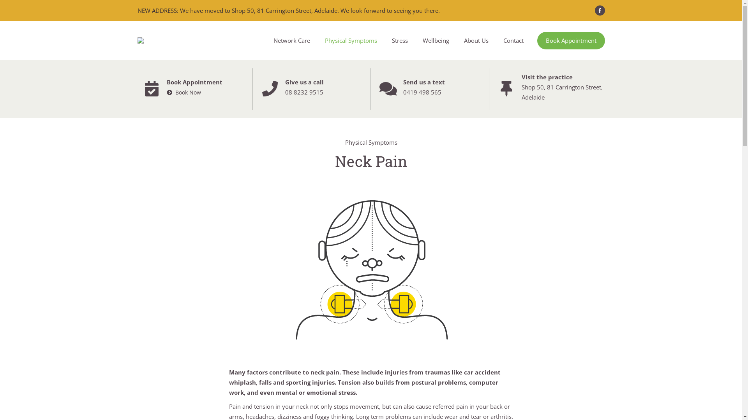 This screenshot has height=420, width=748. Describe the element at coordinates (350, 40) in the screenshot. I see `'Physical Symptoms'` at that location.